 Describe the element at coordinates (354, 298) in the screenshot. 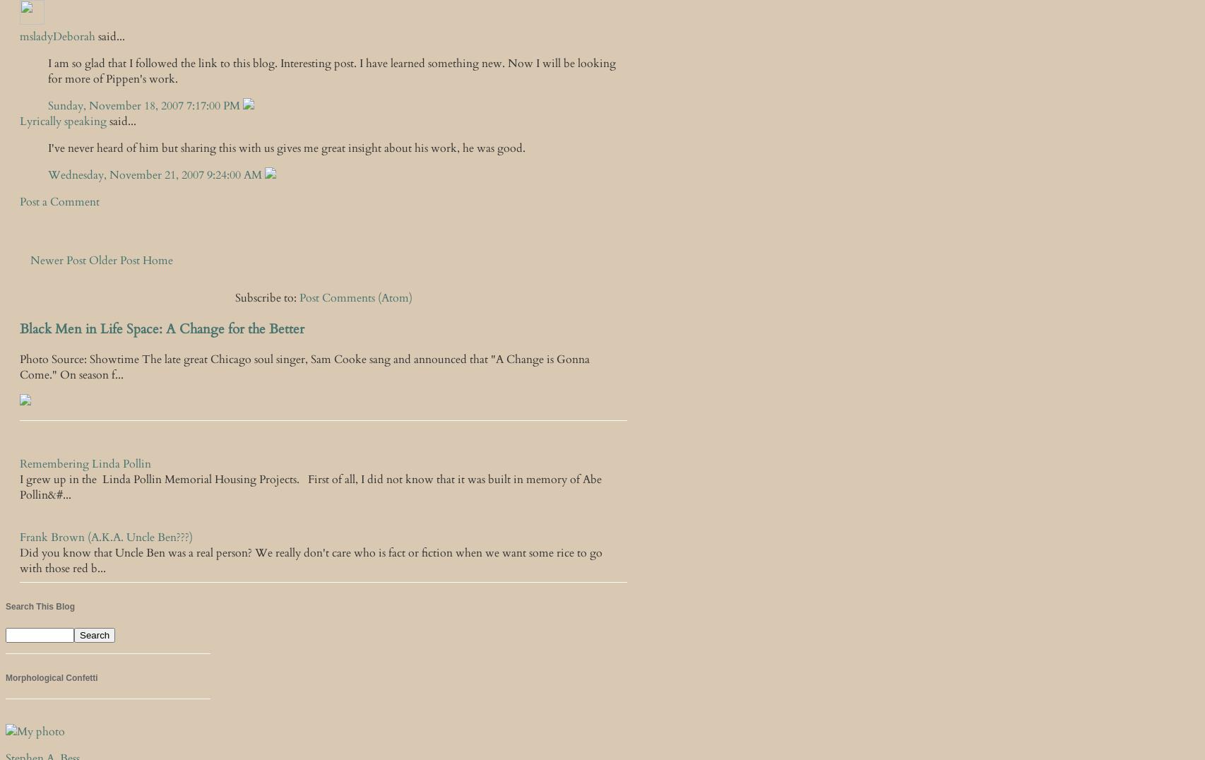

I see `'Post Comments (Atom)'` at that location.